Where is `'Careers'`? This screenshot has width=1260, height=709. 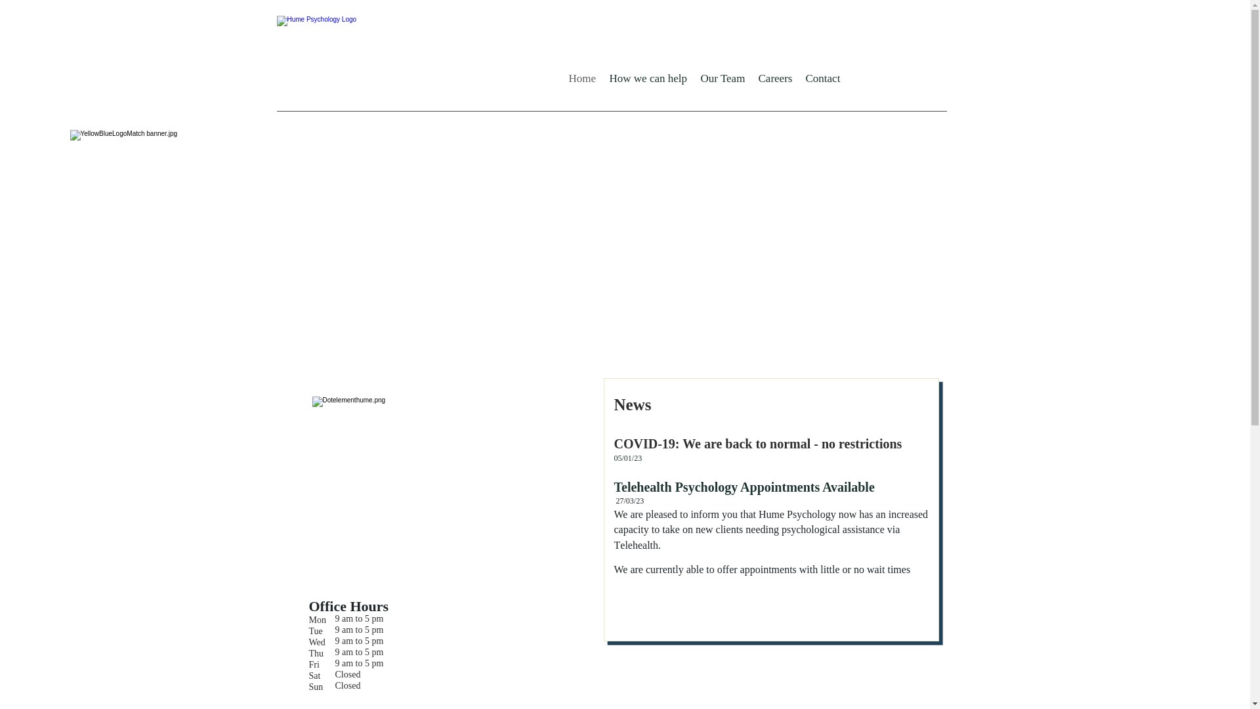 'Careers' is located at coordinates (775, 78).